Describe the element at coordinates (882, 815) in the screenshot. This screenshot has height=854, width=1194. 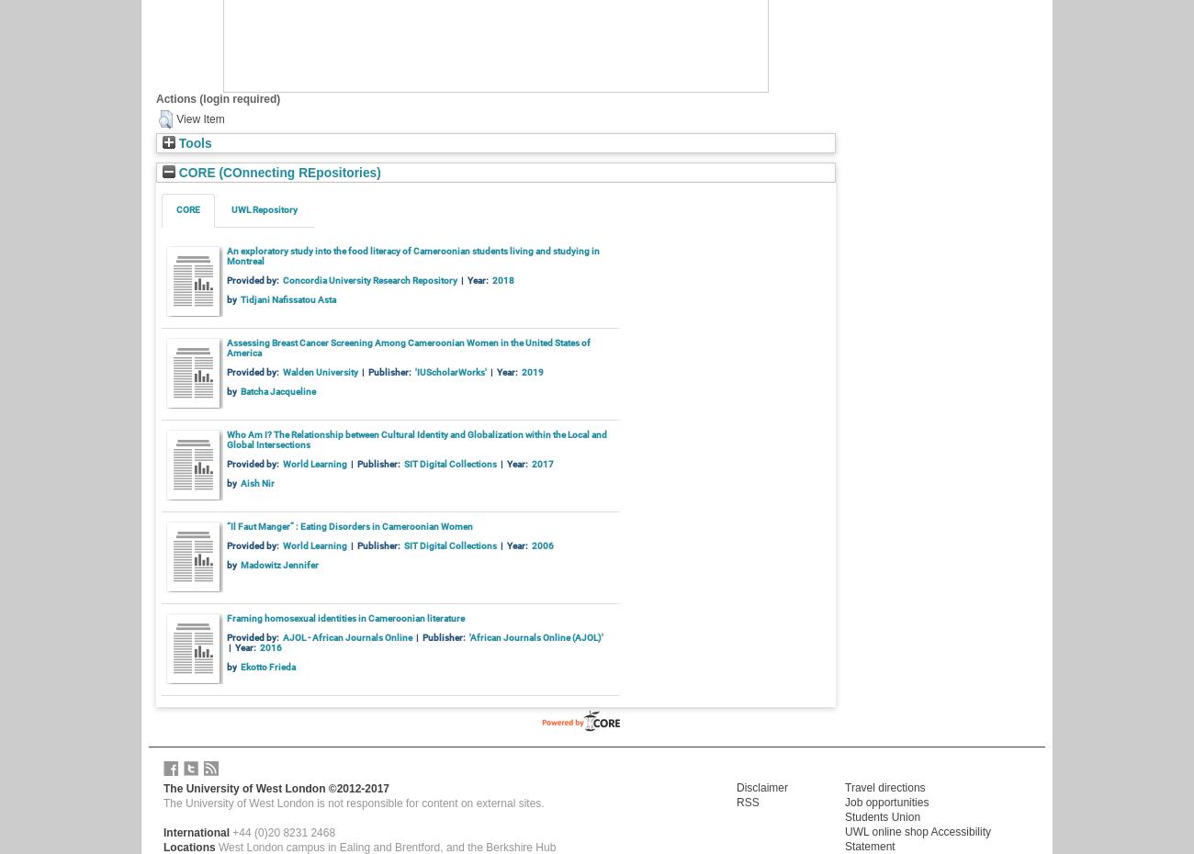
I see `'Students Union'` at that location.